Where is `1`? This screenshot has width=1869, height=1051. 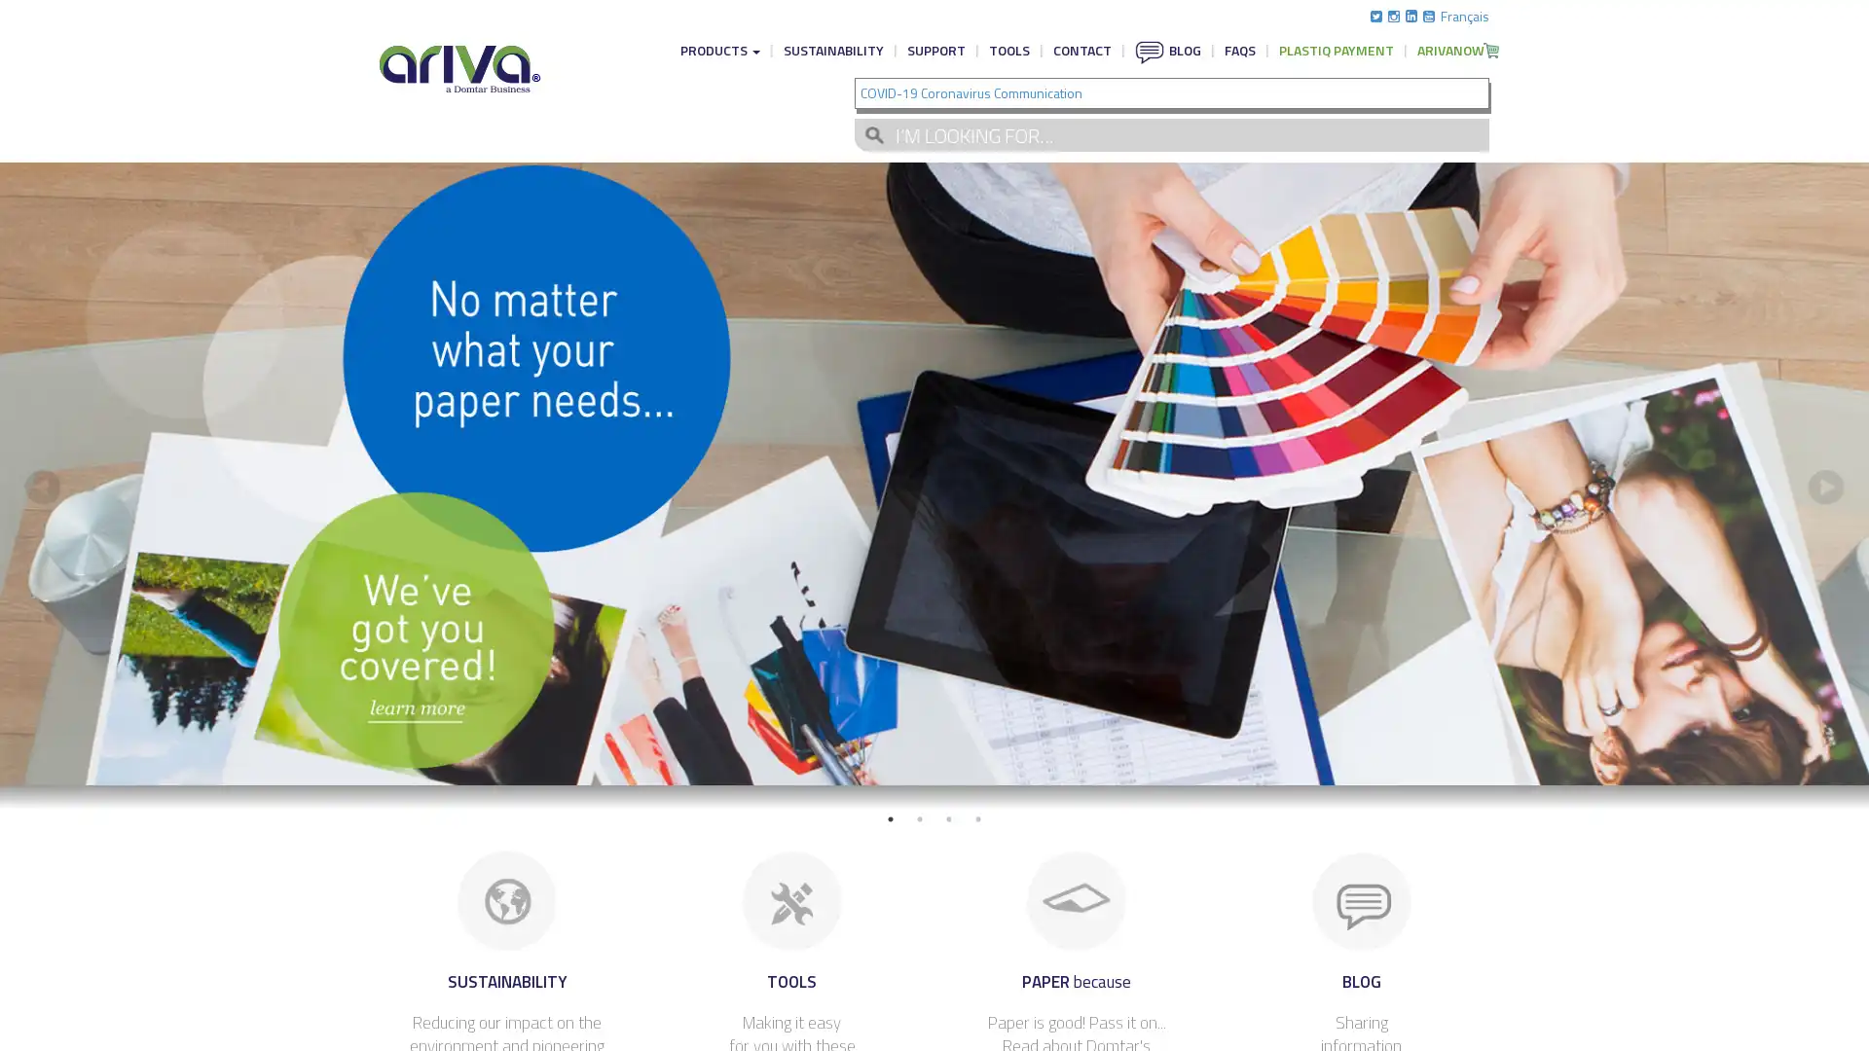
1 is located at coordinates (890, 818).